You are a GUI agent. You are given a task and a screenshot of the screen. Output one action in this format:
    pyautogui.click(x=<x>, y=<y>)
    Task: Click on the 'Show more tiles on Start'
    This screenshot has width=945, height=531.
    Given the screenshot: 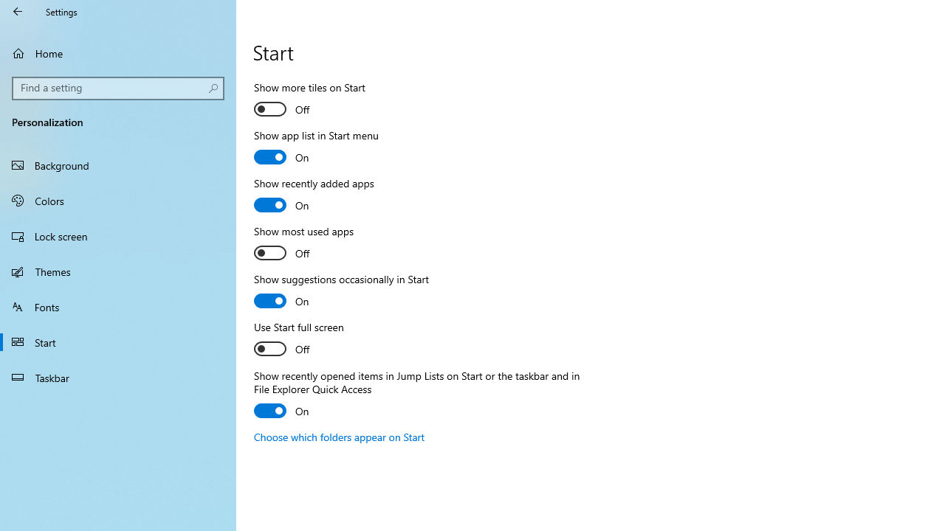 What is the action you would take?
    pyautogui.click(x=309, y=100)
    